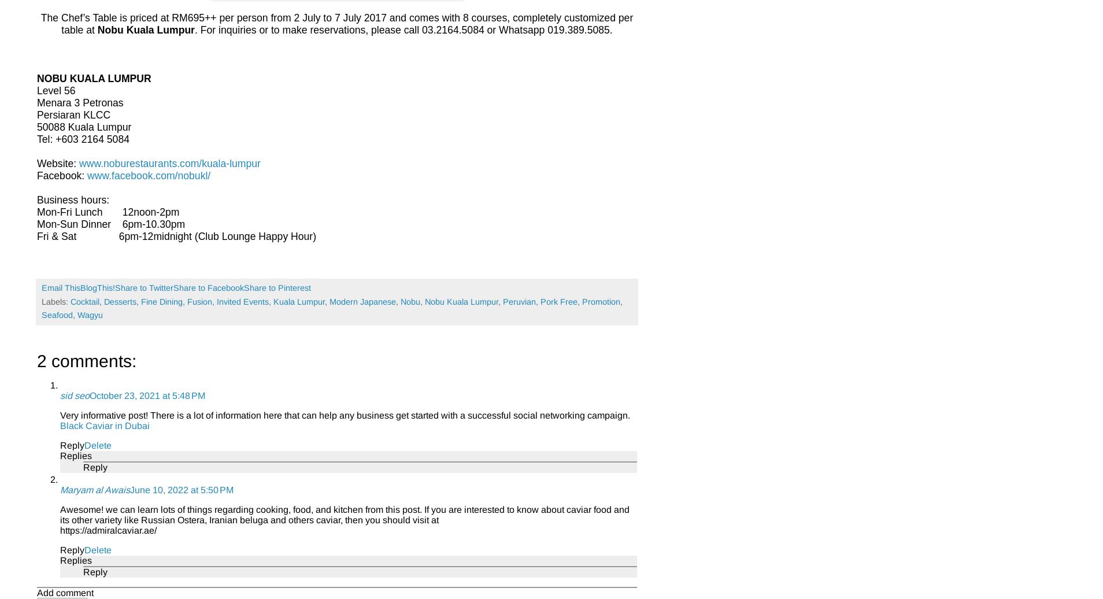 This screenshot has width=1103, height=599. Describe the element at coordinates (93, 79) in the screenshot. I see `'NOBU
KUALA LUMPUR'` at that location.